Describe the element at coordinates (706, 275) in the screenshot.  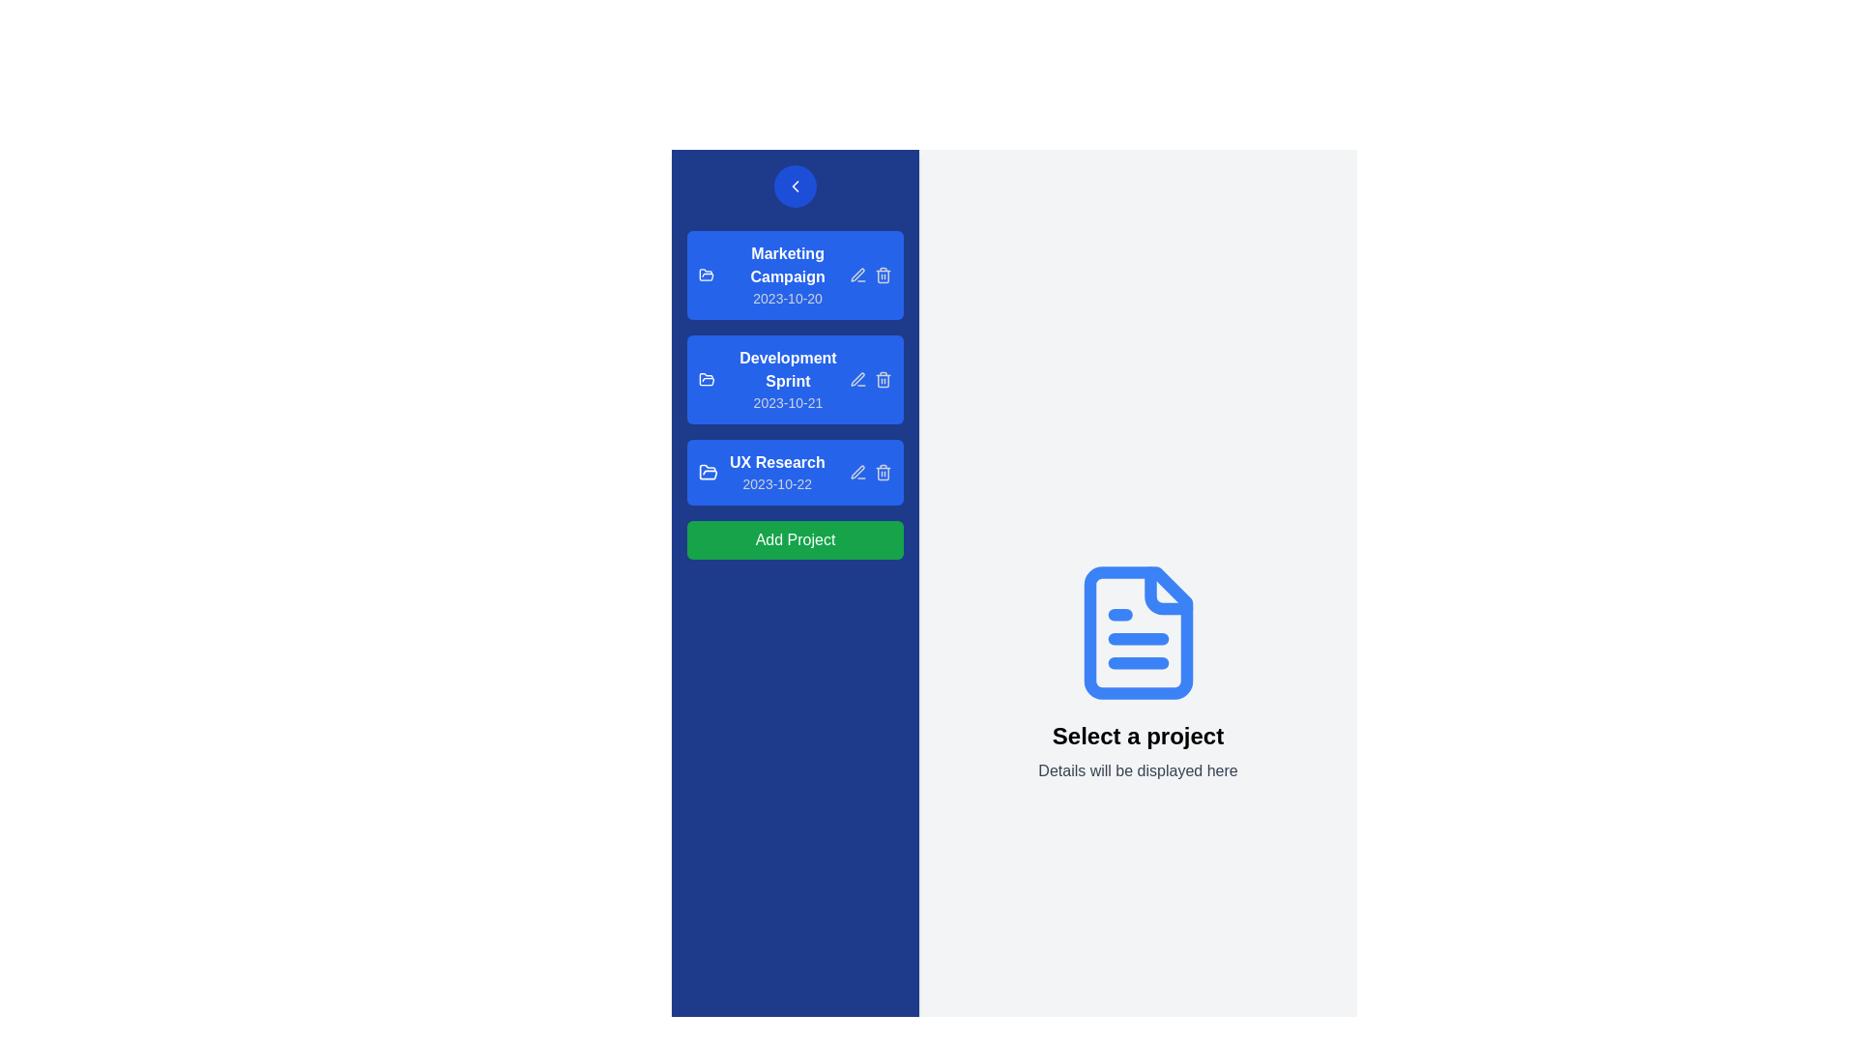
I see `the minimalist blue folder icon located to the left of the project title 'Marketing Campaign' in the left sidebar` at that location.